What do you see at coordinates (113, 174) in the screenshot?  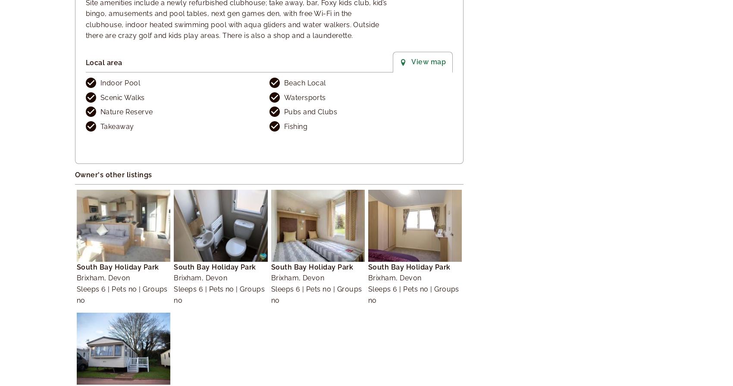 I see `'Owner's other listings'` at bounding box center [113, 174].